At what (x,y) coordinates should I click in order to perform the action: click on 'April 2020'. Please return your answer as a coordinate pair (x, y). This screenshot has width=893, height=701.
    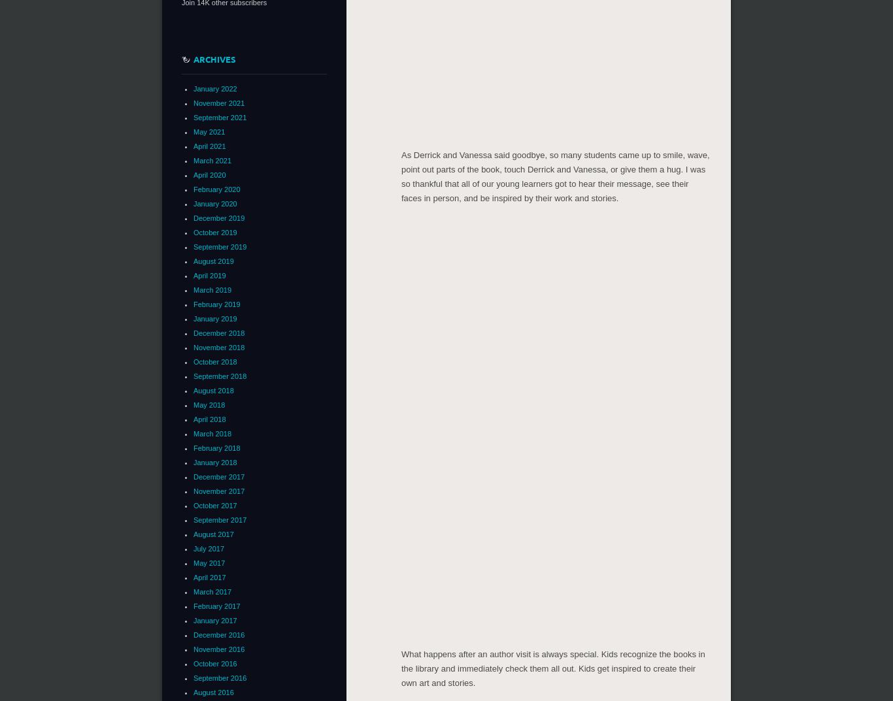
    Looking at the image, I should click on (209, 173).